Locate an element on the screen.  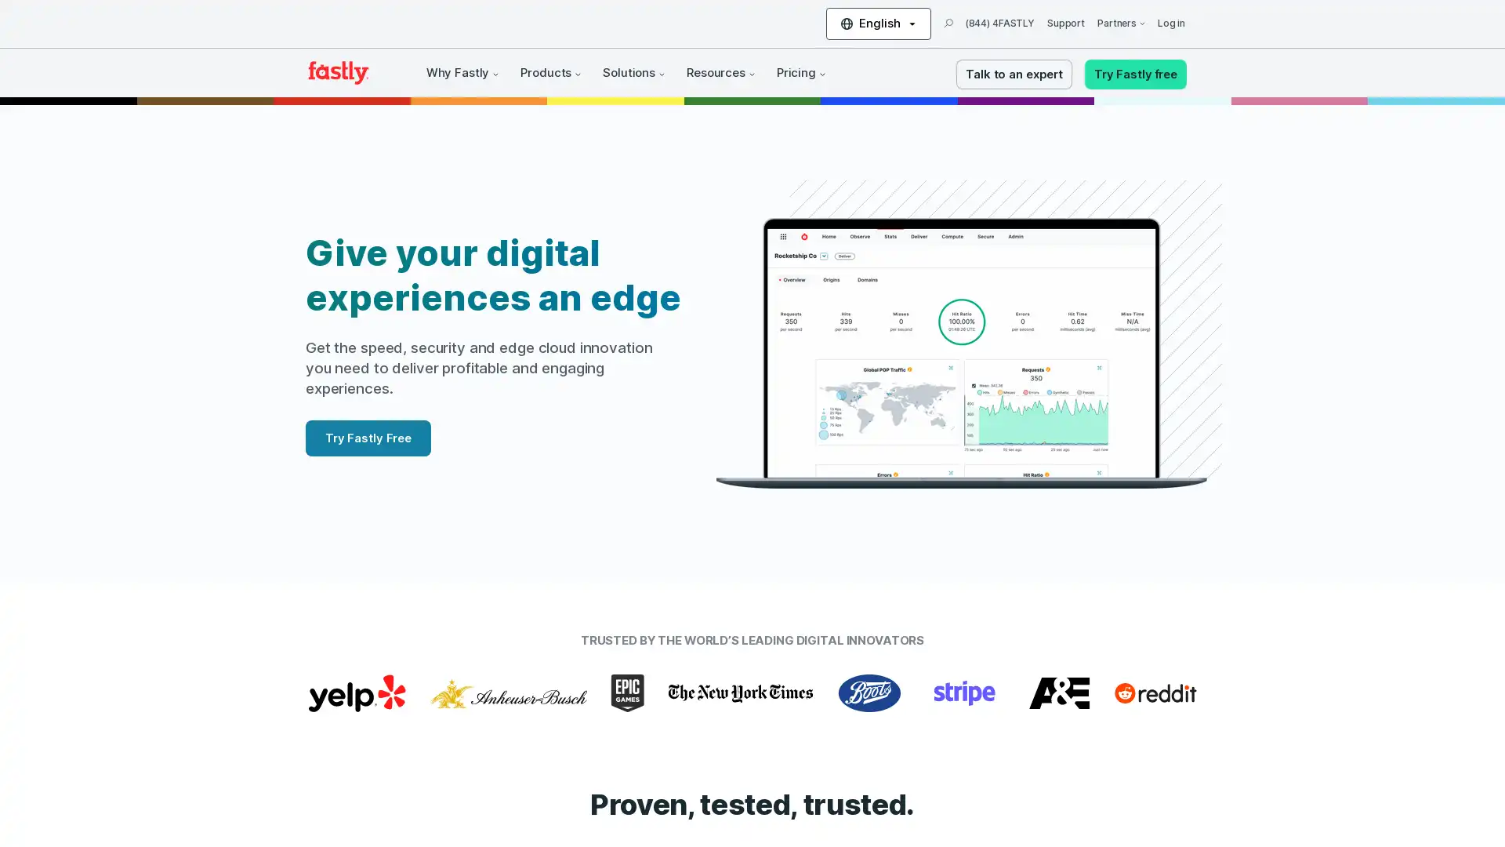
Yes is located at coordinates (159, 746).